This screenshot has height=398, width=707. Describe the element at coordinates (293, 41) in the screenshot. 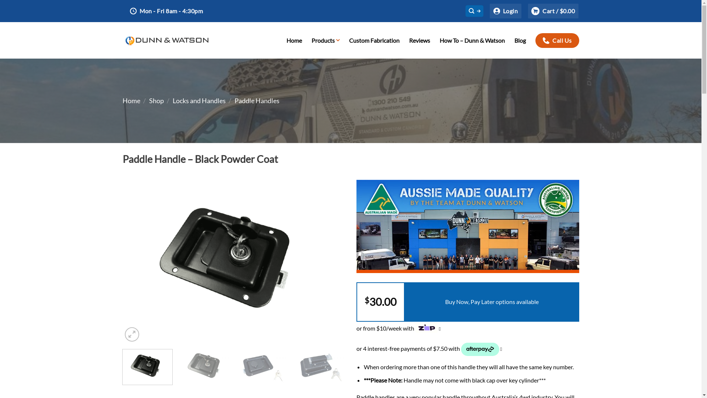

I see `'Home'` at that location.